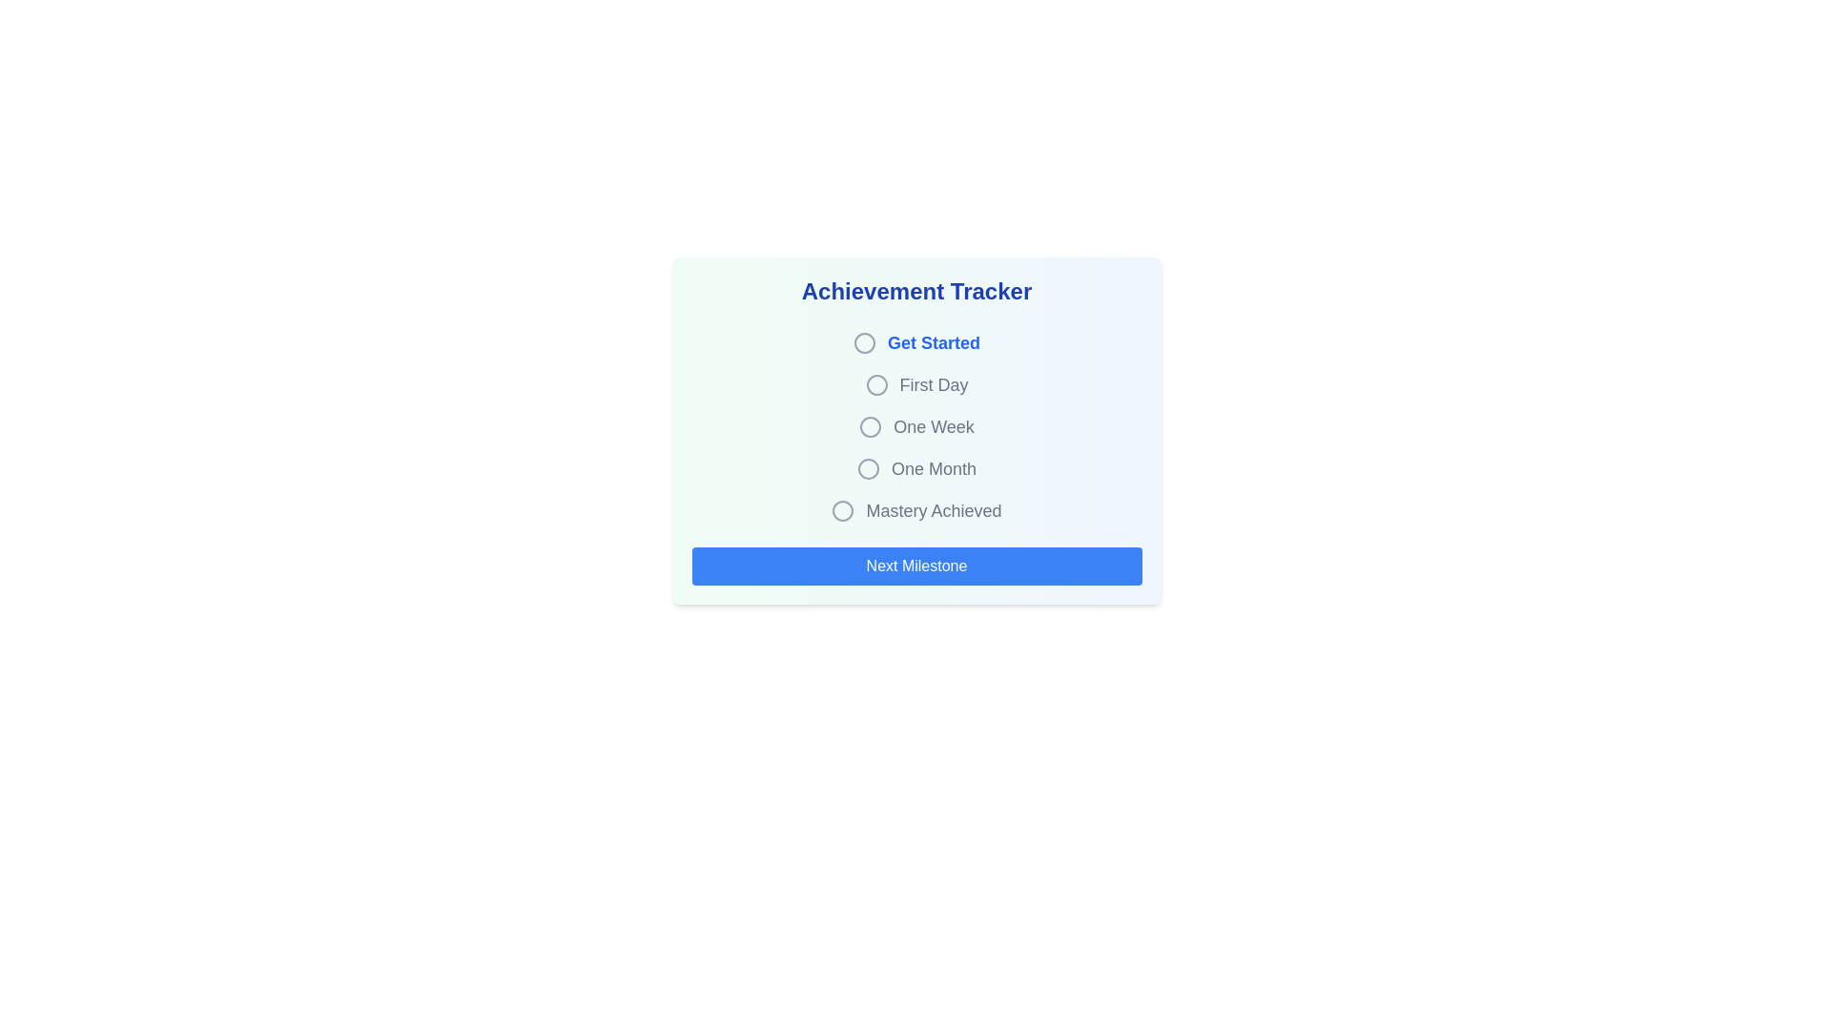 Image resolution: width=1831 pixels, height=1030 pixels. What do you see at coordinates (916, 510) in the screenshot?
I see `the radio button labeled 'Mastery Achieved', which is the fifth option in a vertical list below the 'One Month' radio button` at bounding box center [916, 510].